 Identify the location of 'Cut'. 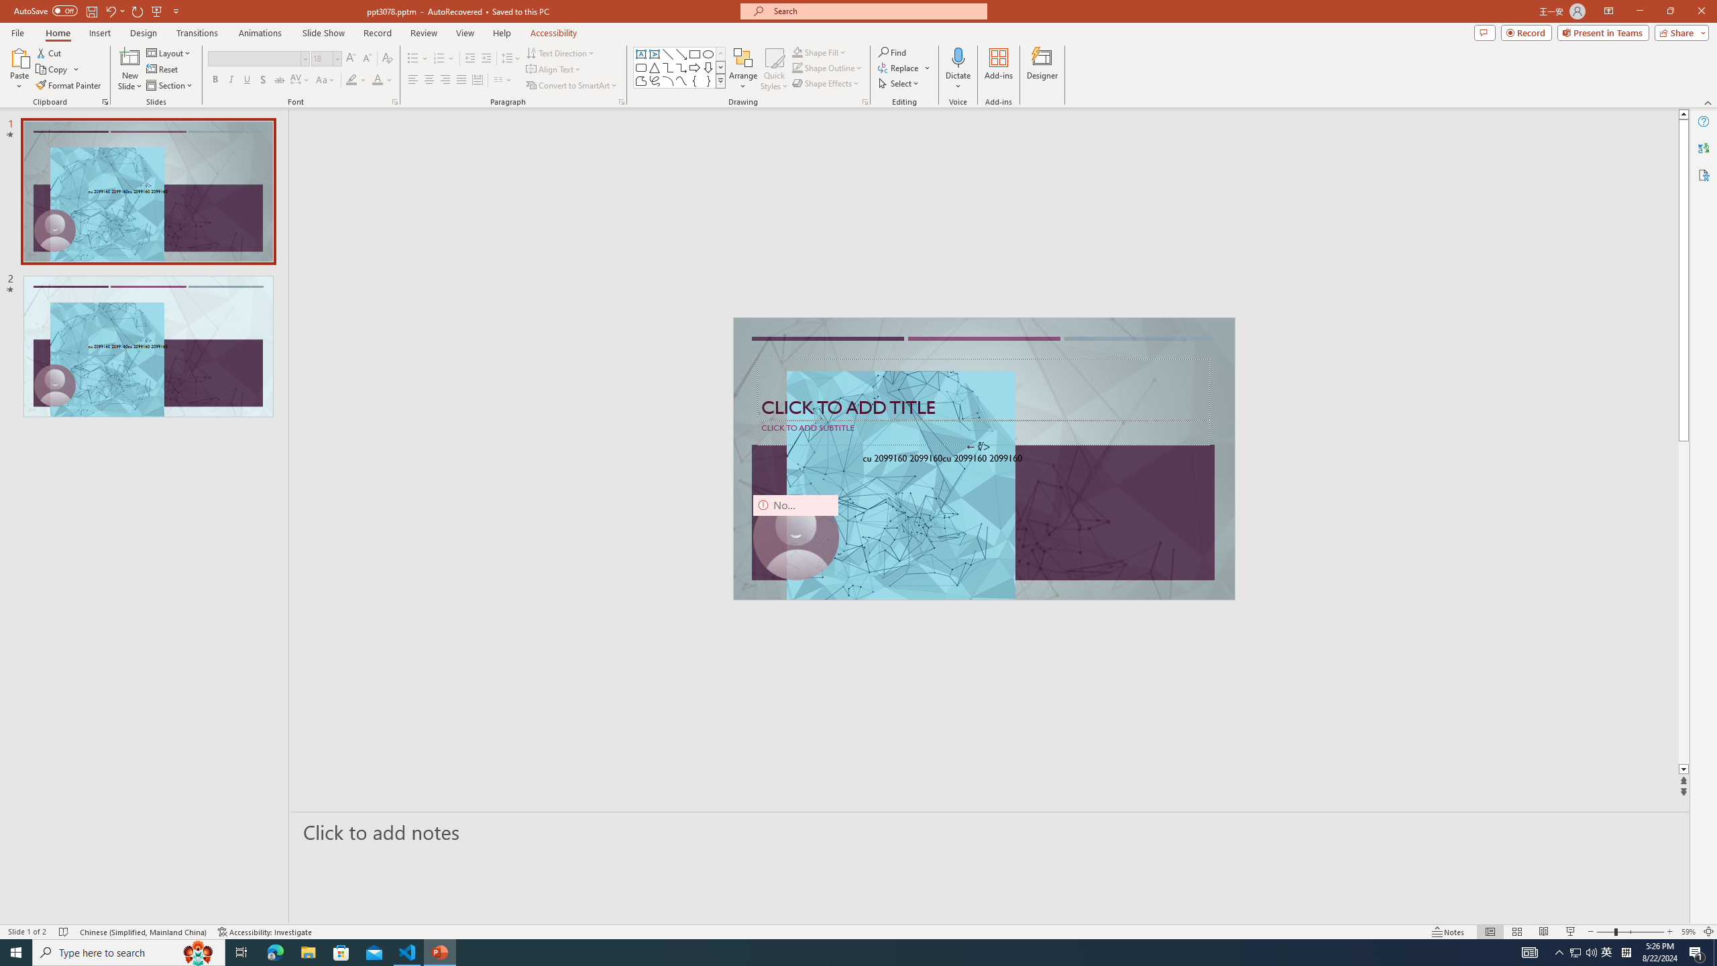
(49, 52).